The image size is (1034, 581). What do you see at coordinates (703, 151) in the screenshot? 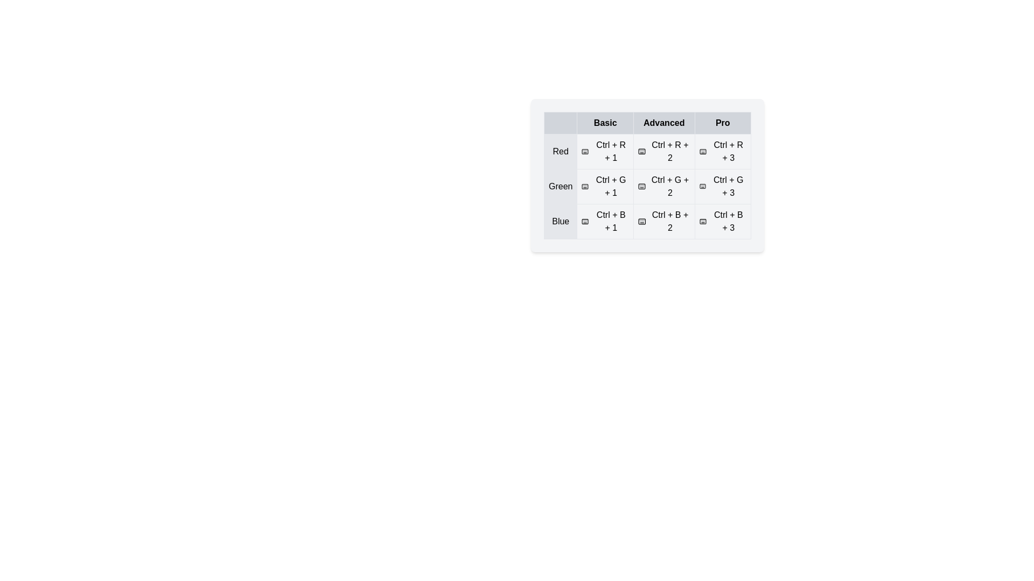
I see `the graphical icon component that serves as a visual part of the icon within the 'Advanced' column and 'Red' row of the table` at bounding box center [703, 151].